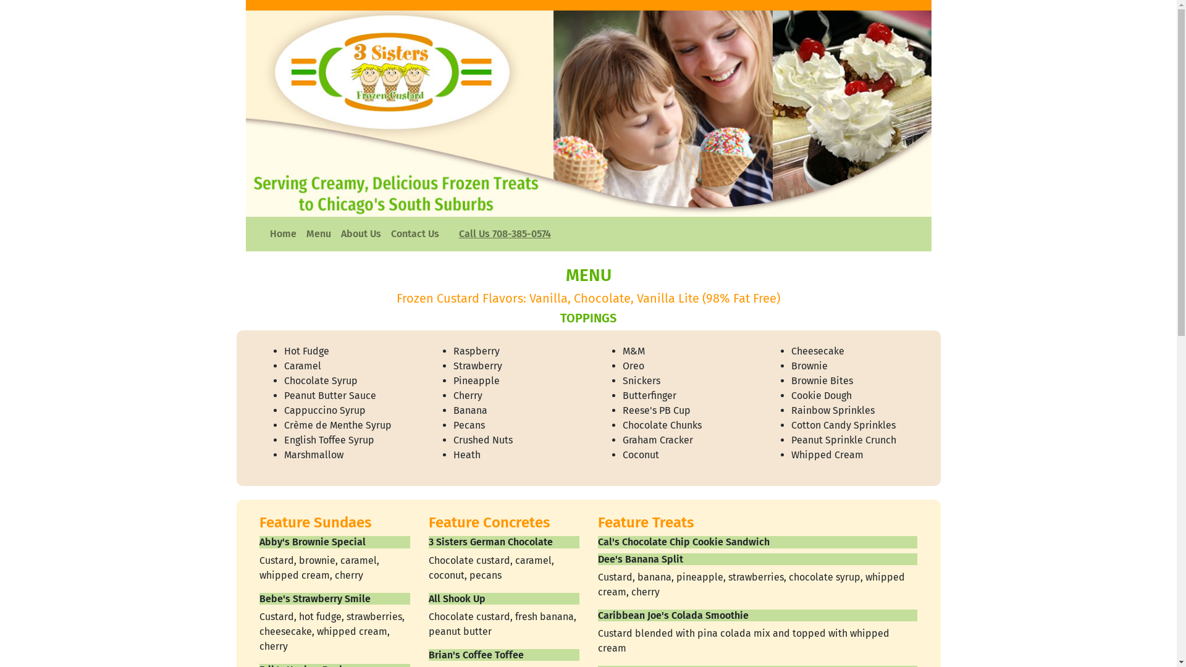  What do you see at coordinates (504, 233) in the screenshot?
I see `'Call Us 708-385-0574'` at bounding box center [504, 233].